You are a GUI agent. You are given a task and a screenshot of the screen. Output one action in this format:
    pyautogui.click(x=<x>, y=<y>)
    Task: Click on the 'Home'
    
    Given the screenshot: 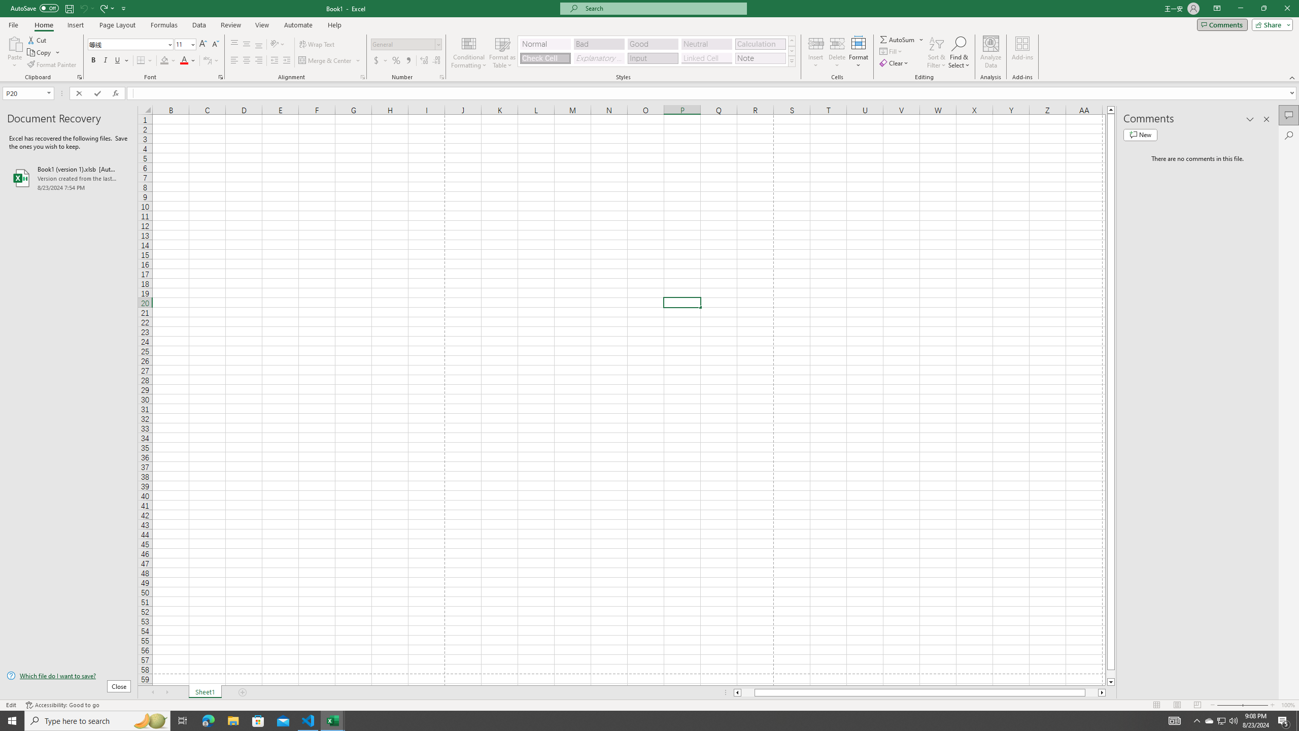 What is the action you would take?
    pyautogui.click(x=43, y=25)
    